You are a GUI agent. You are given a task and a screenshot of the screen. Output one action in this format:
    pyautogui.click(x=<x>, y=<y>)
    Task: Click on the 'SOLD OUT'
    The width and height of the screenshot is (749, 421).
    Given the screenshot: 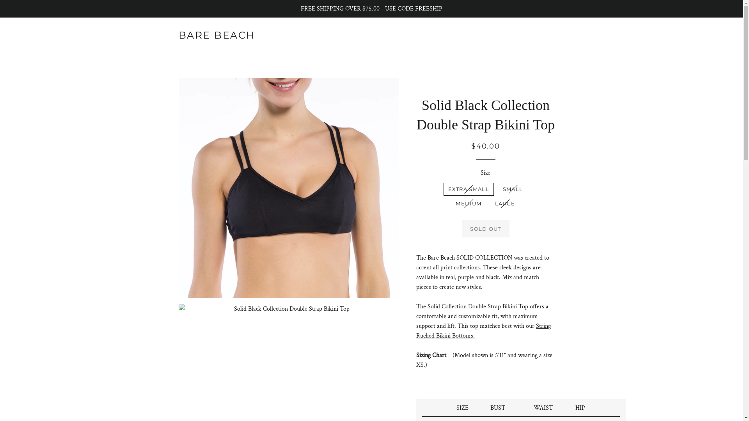 What is the action you would take?
    pyautogui.click(x=462, y=228)
    